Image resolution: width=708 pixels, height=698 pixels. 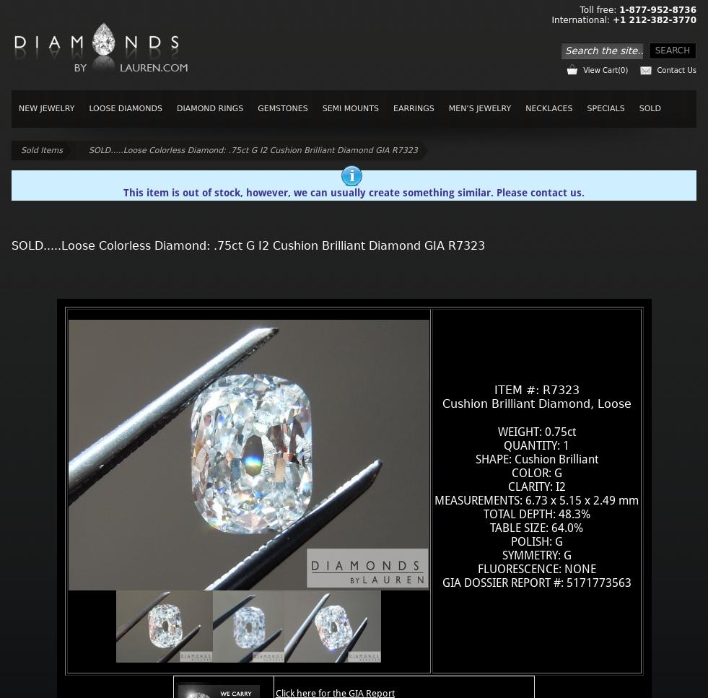 I want to click on 'TABLE SIZE: 64.0%', so click(x=536, y=526).